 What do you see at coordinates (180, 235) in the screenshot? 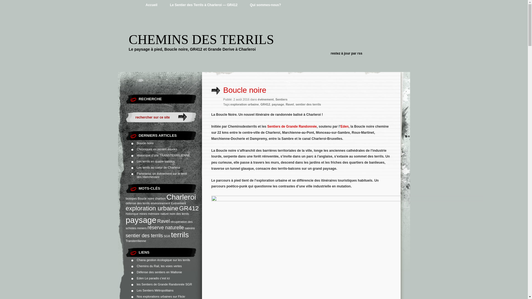
I see `'terrils'` at bounding box center [180, 235].